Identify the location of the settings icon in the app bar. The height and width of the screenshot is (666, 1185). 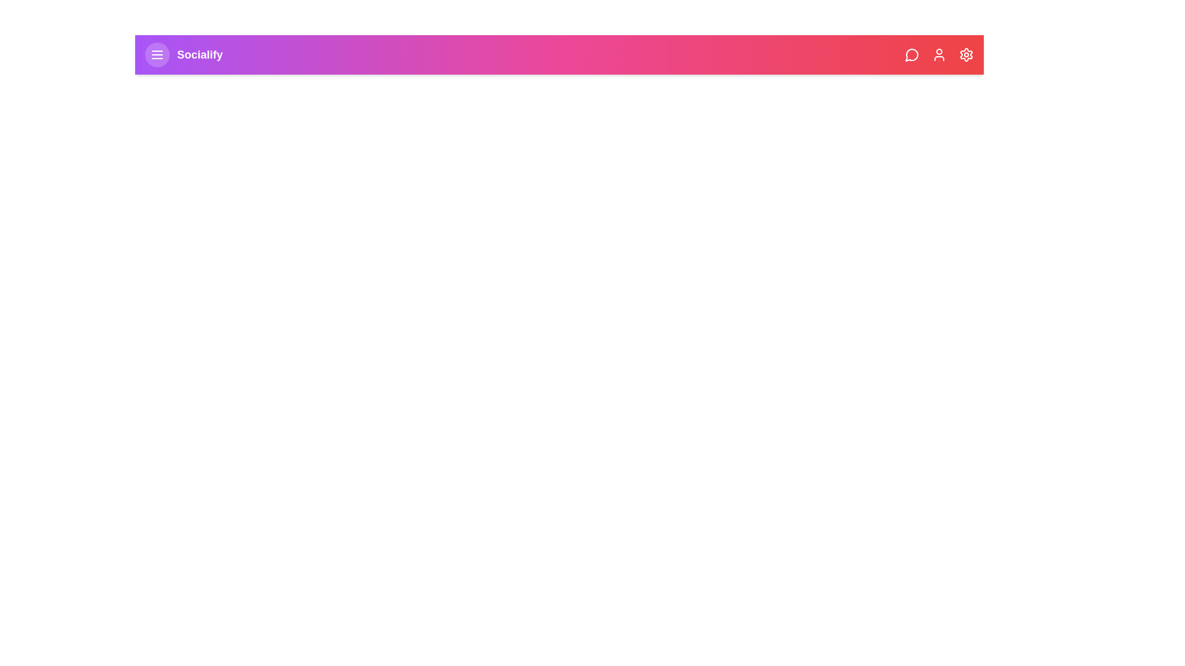
(965, 54).